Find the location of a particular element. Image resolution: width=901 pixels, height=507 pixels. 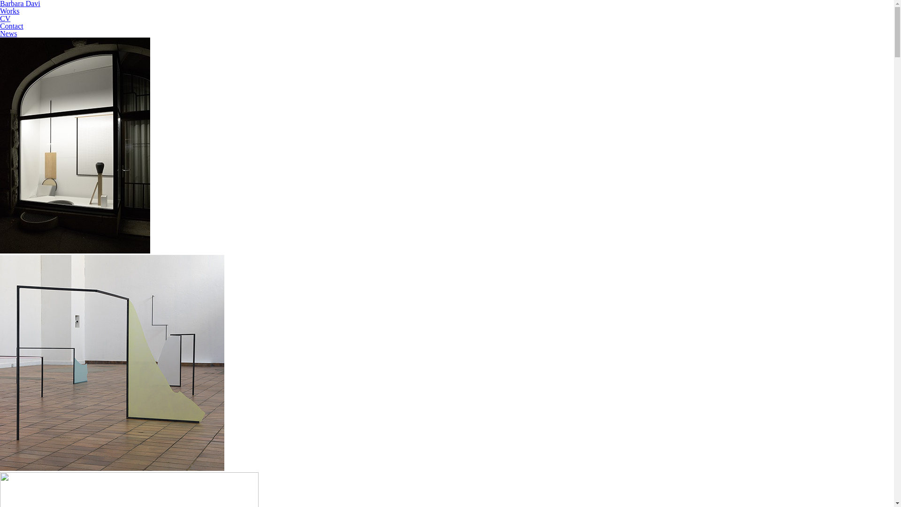

'News' is located at coordinates (8, 33).